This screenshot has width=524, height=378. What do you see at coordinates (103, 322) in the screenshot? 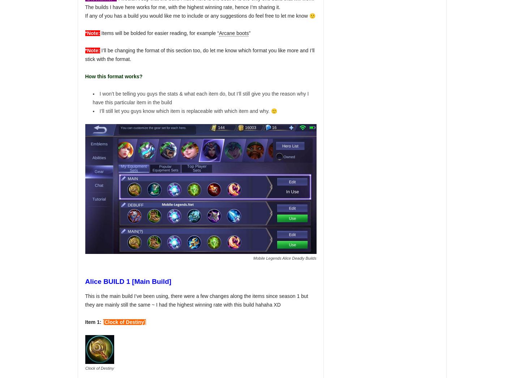
I see `'['` at bounding box center [103, 322].